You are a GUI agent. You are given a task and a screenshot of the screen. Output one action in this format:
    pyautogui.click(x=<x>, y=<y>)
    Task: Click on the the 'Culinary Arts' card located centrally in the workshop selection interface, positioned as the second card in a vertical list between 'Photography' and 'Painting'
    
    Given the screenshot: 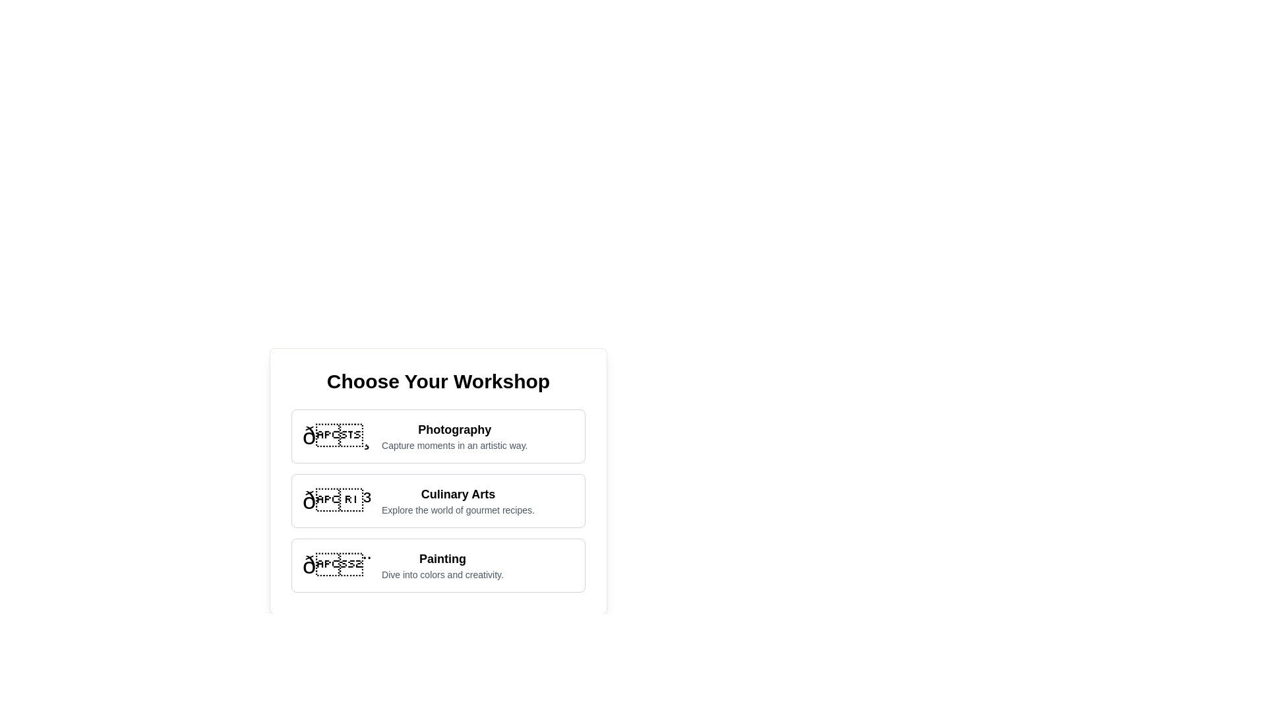 What is the action you would take?
    pyautogui.click(x=438, y=500)
    